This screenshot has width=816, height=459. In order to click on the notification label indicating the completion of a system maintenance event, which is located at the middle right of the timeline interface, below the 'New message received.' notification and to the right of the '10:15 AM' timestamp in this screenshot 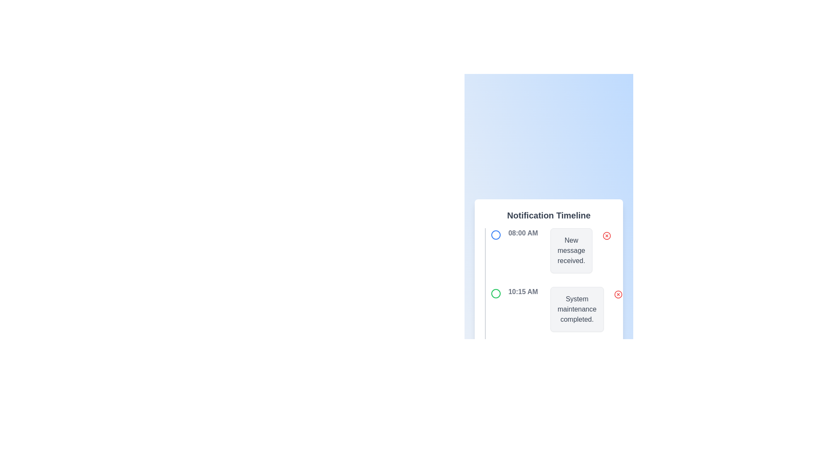, I will do `click(577, 309)`.